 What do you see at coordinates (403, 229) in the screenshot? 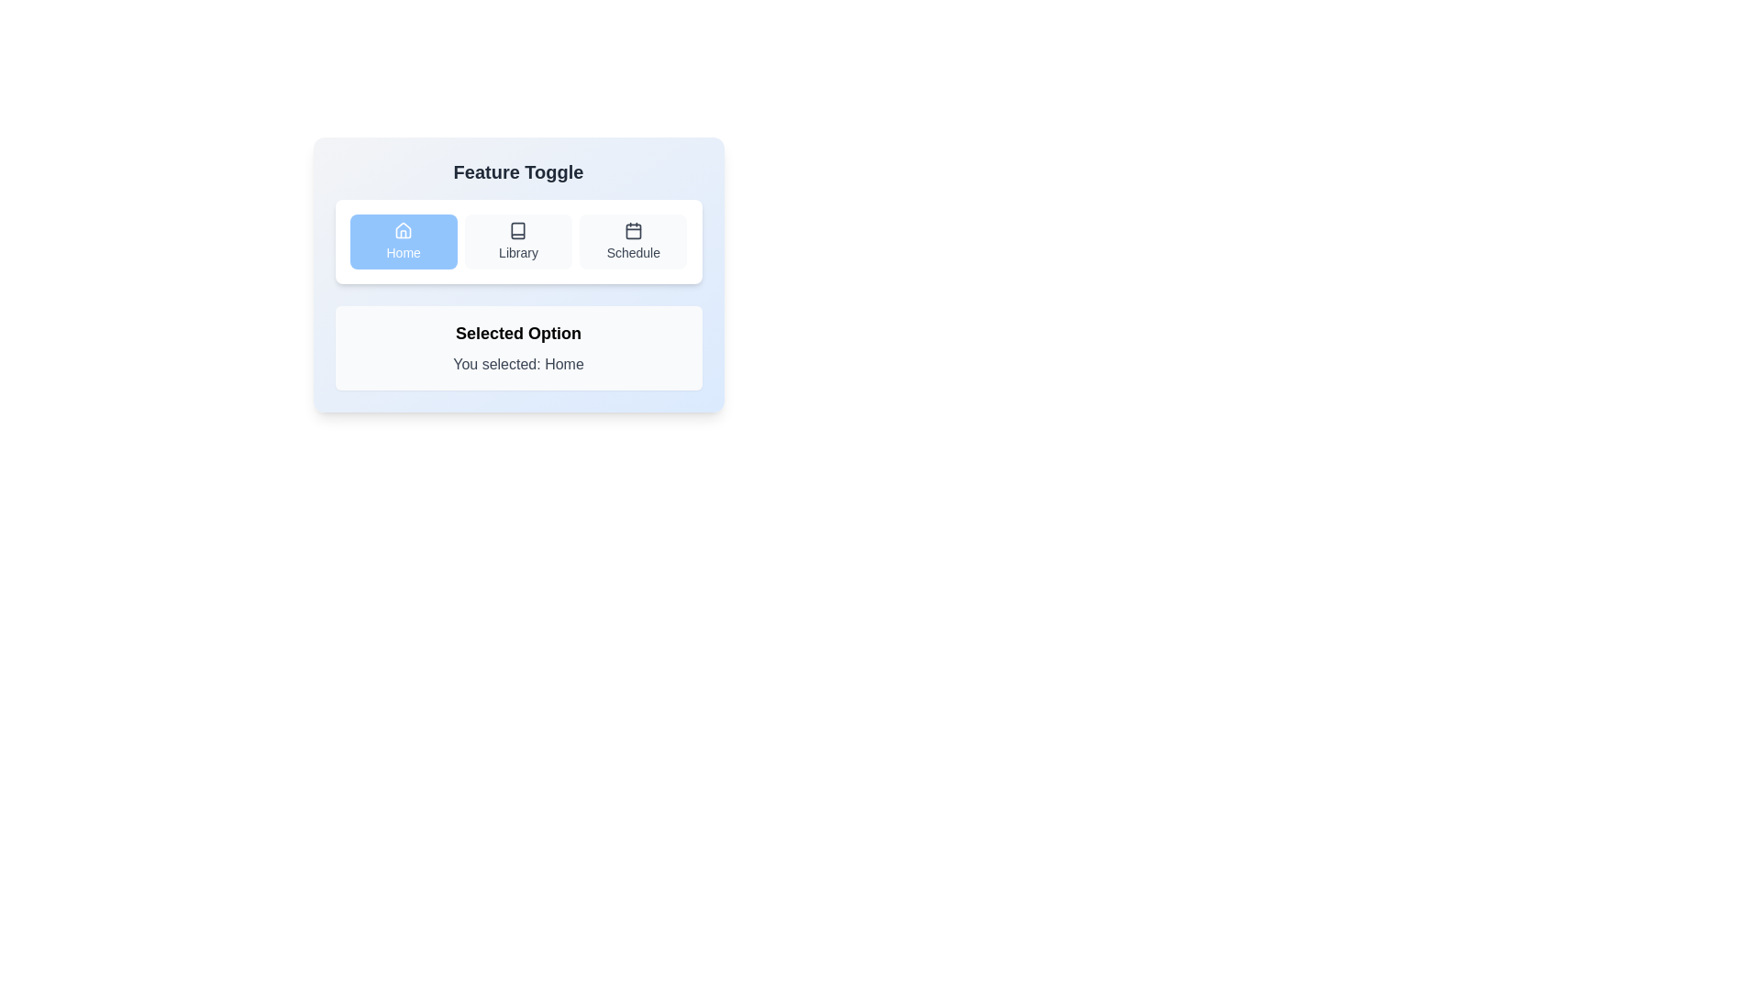
I see `the 'Home' button which contains the house icon` at bounding box center [403, 229].